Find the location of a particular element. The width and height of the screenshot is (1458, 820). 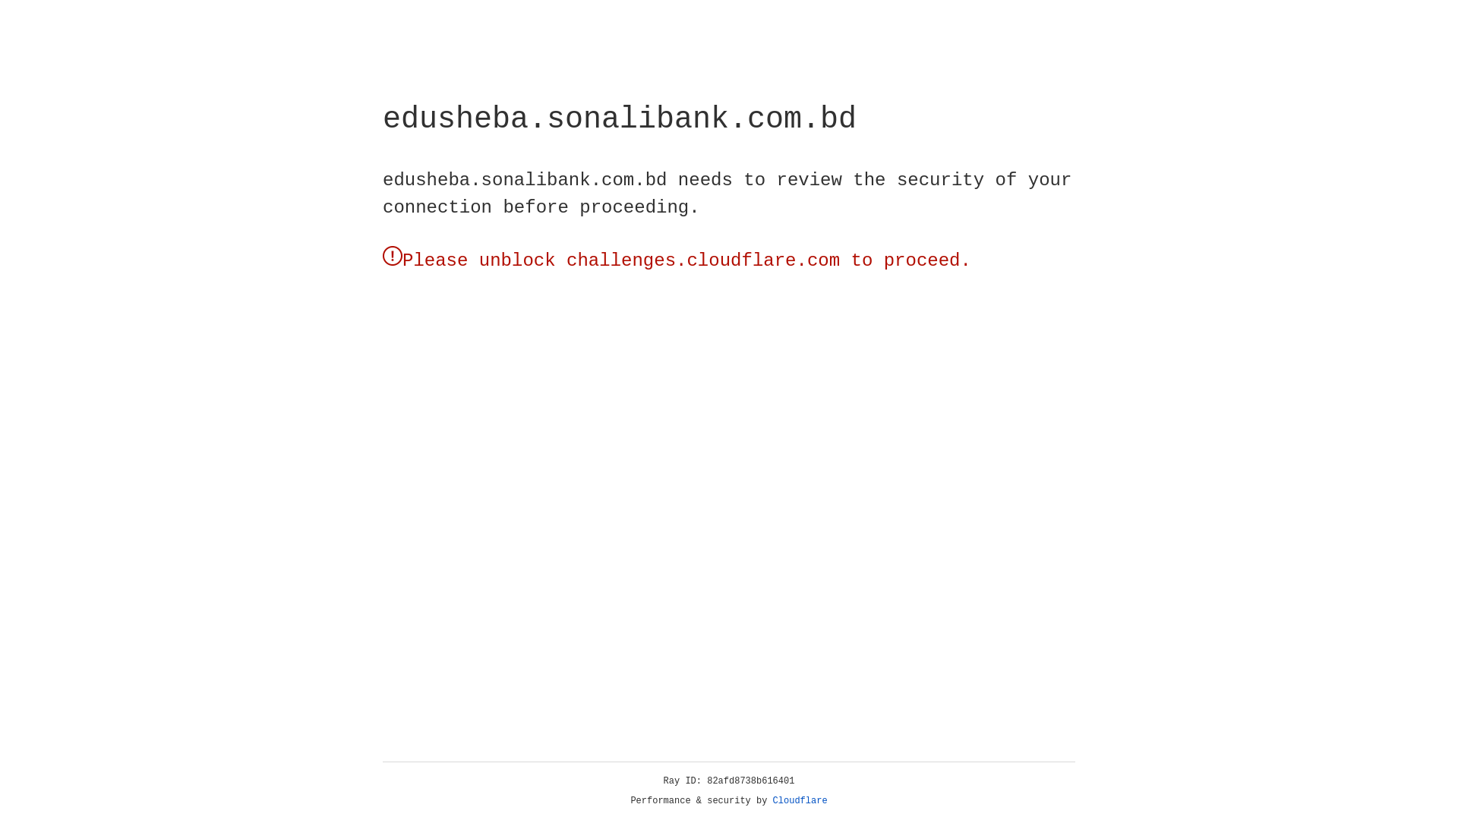

'Cloudflare' is located at coordinates (800, 800).